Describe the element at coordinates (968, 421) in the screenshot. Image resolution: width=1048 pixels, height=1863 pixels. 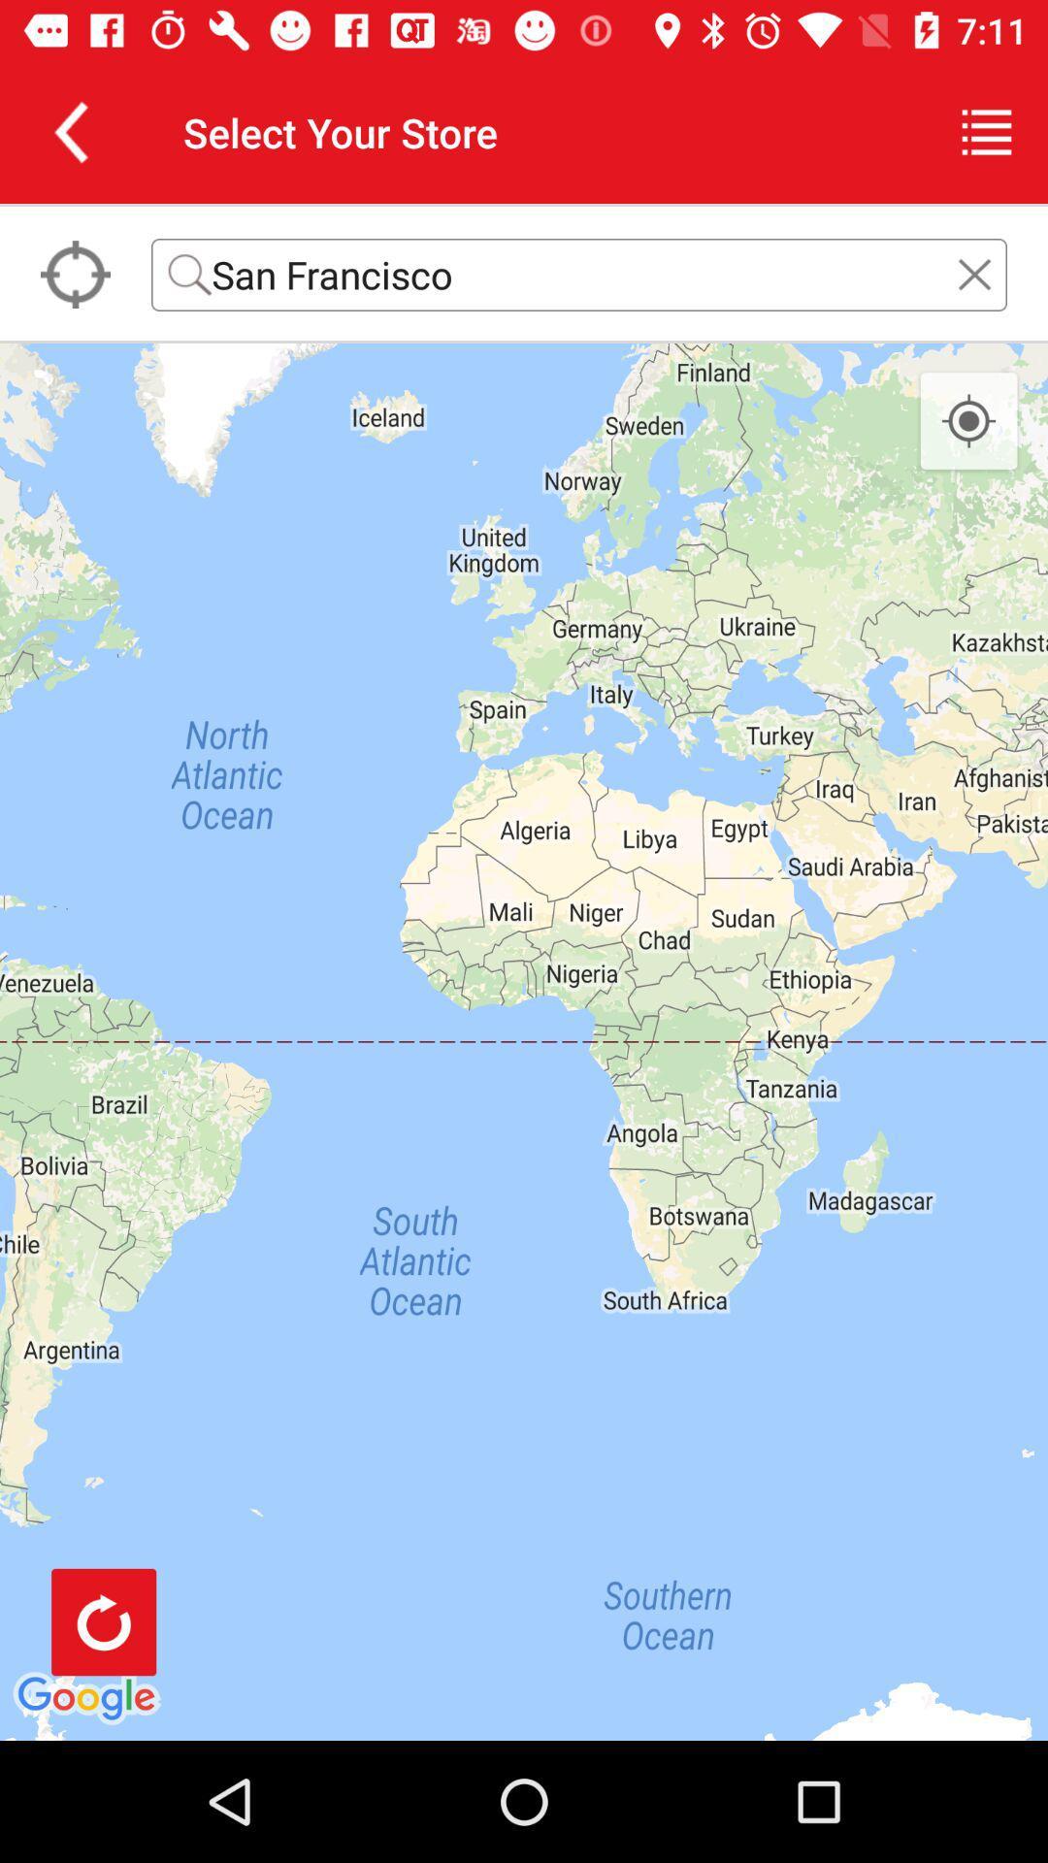
I see `the location_crosshair icon` at that location.